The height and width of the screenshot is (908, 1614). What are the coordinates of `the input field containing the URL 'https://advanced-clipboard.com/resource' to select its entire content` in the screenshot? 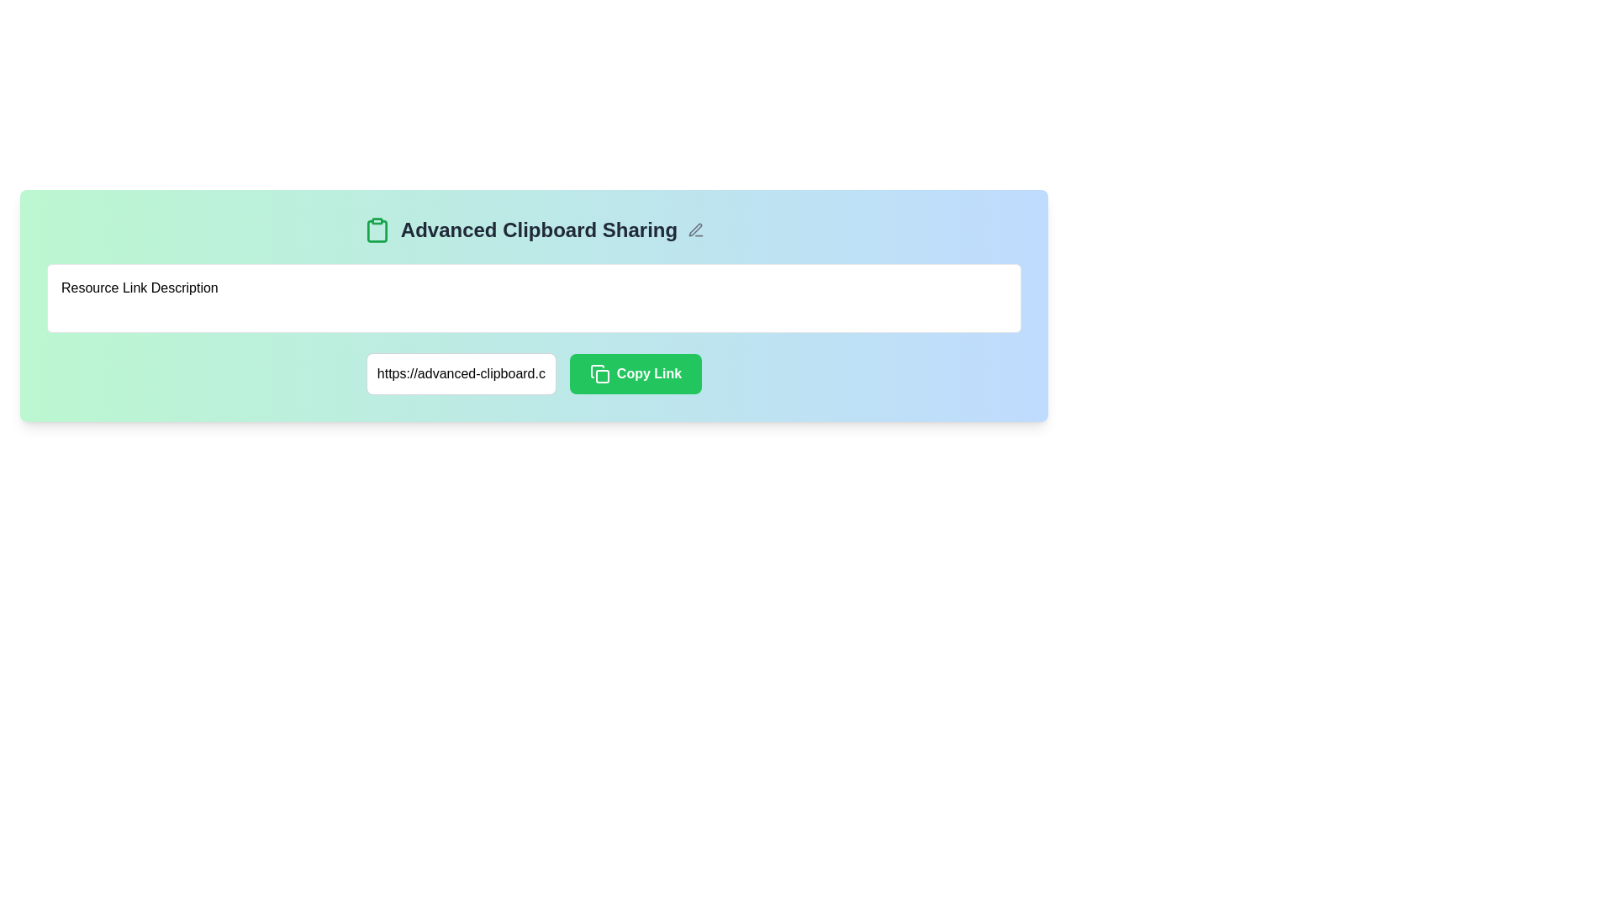 It's located at (533, 372).